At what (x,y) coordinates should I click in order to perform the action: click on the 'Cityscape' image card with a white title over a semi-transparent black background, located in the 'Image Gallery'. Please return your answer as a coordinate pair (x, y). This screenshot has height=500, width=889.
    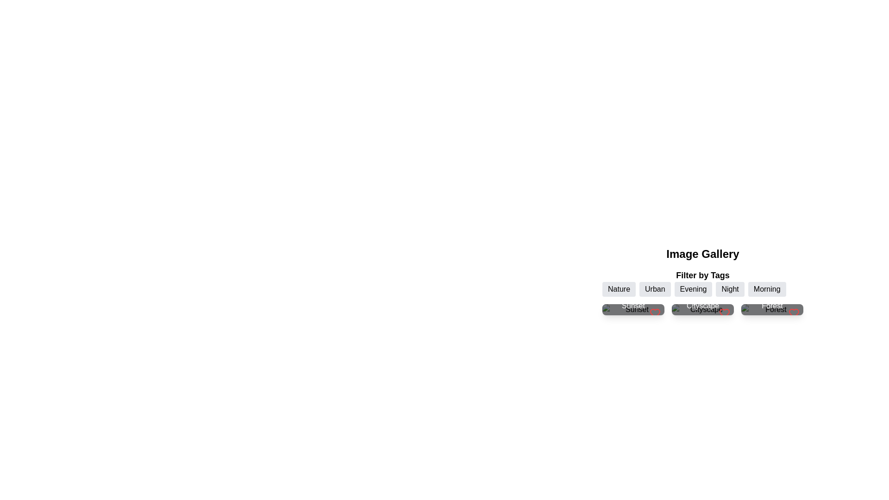
    Looking at the image, I should click on (702, 309).